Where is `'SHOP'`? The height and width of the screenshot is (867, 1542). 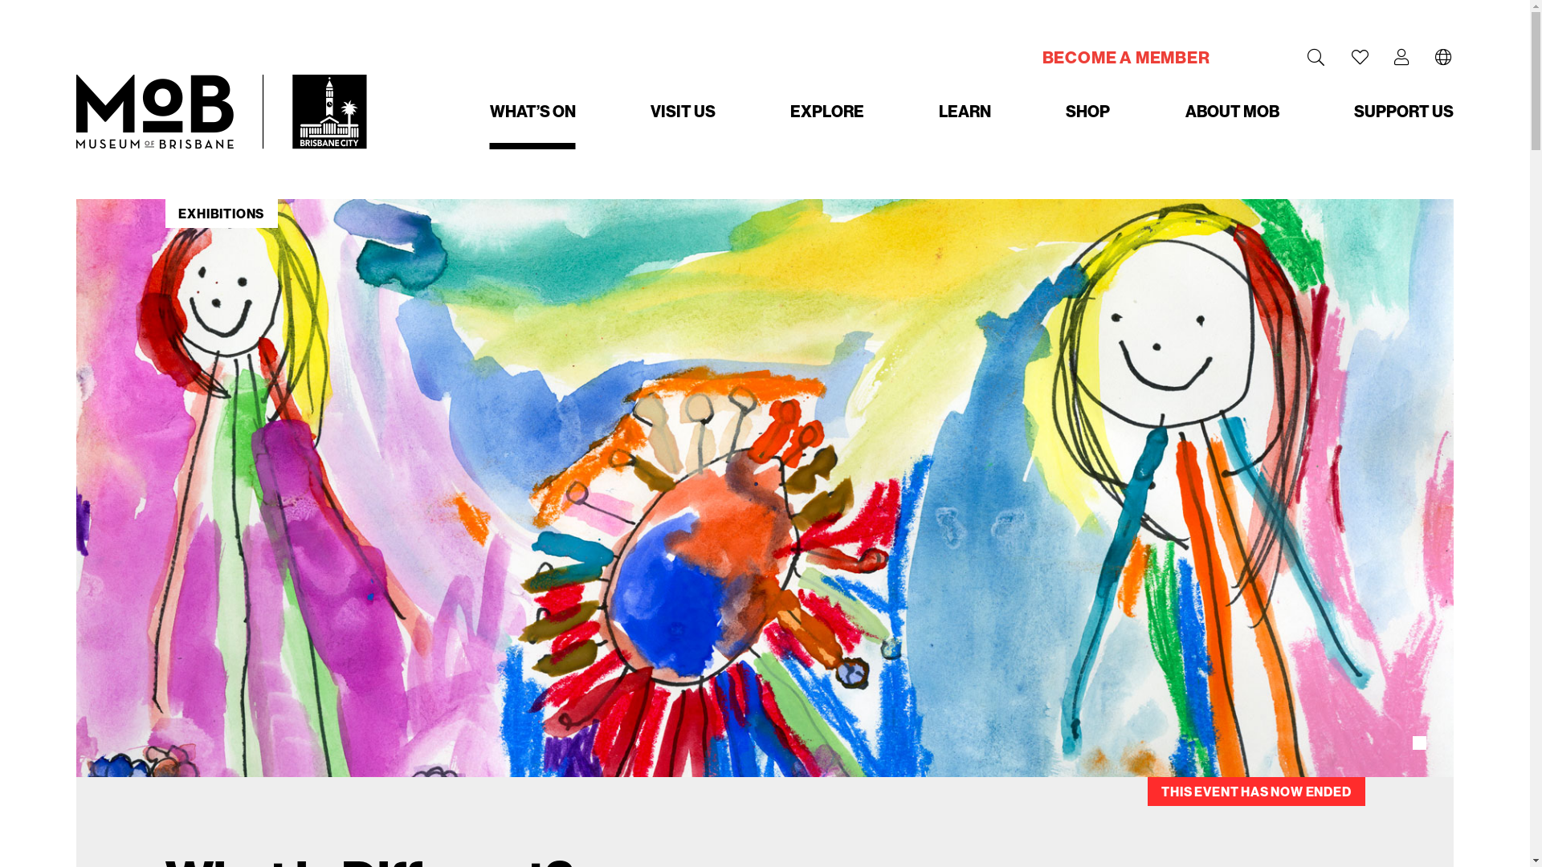 'SHOP' is located at coordinates (1087, 110).